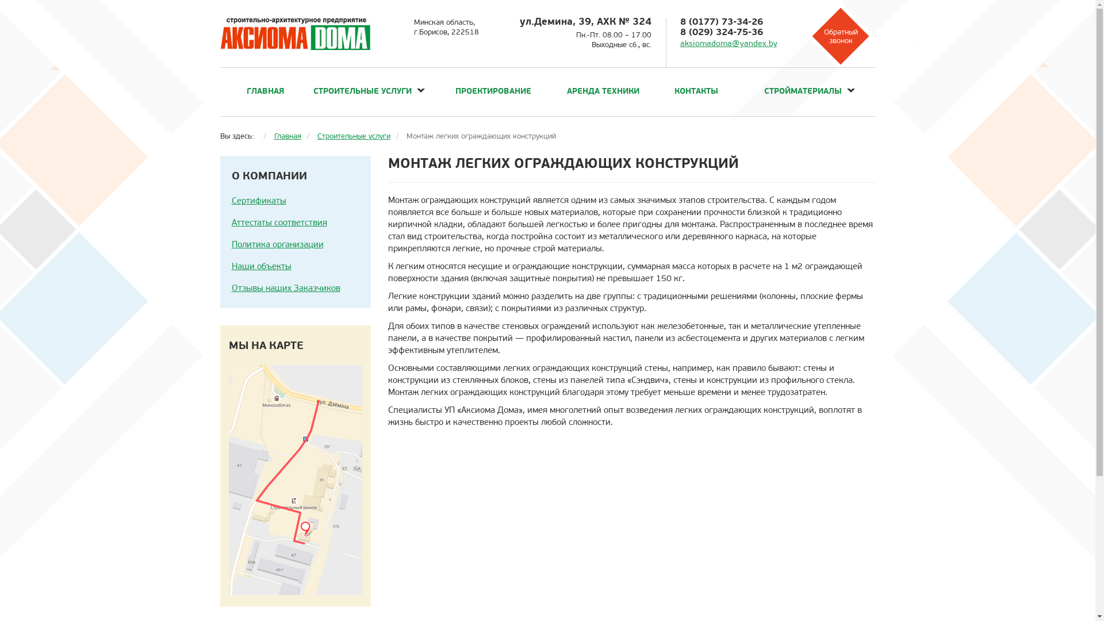 The height and width of the screenshot is (621, 1104). I want to click on 'aksiomadoma@yandex.by', so click(727, 43).